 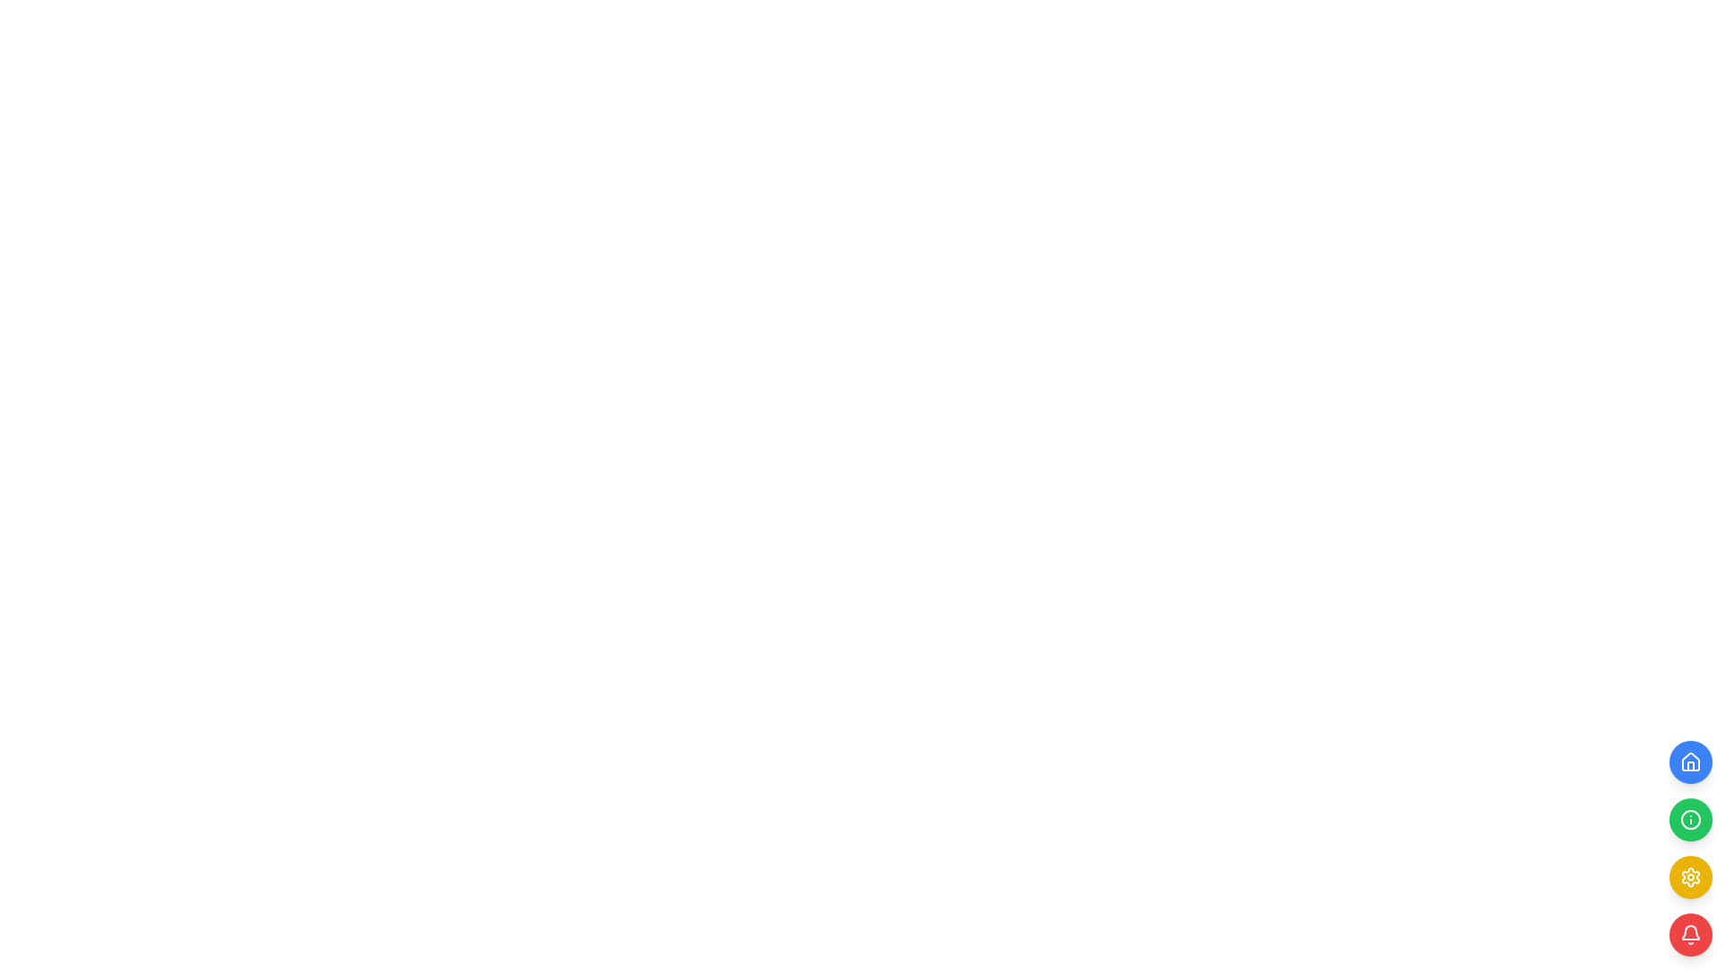 What do you see at coordinates (1690, 931) in the screenshot?
I see `the bell icon at the bottom of the vertical menu` at bounding box center [1690, 931].